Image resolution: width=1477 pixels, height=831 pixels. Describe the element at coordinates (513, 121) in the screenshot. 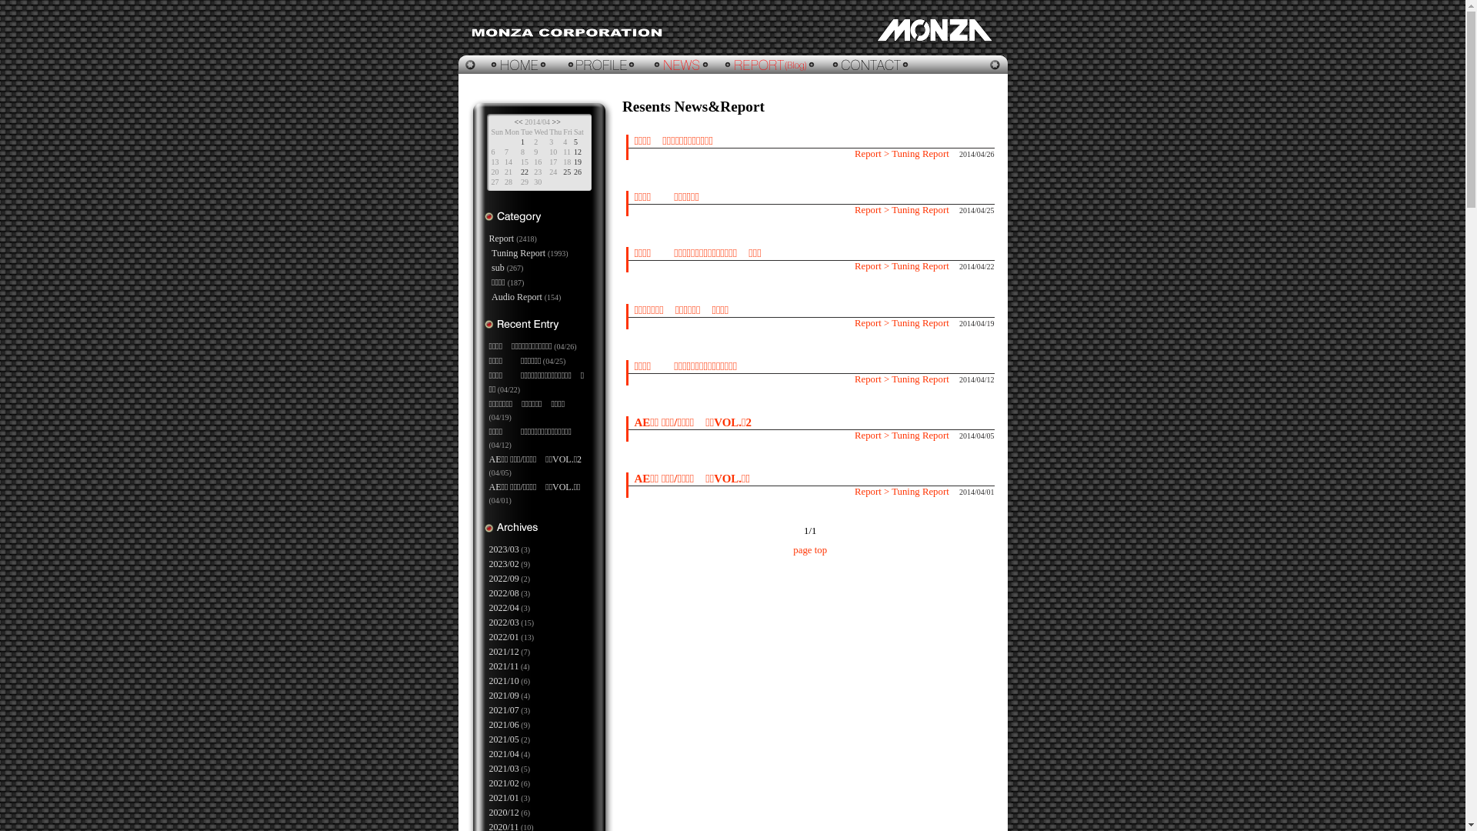

I see `'<<'` at that location.